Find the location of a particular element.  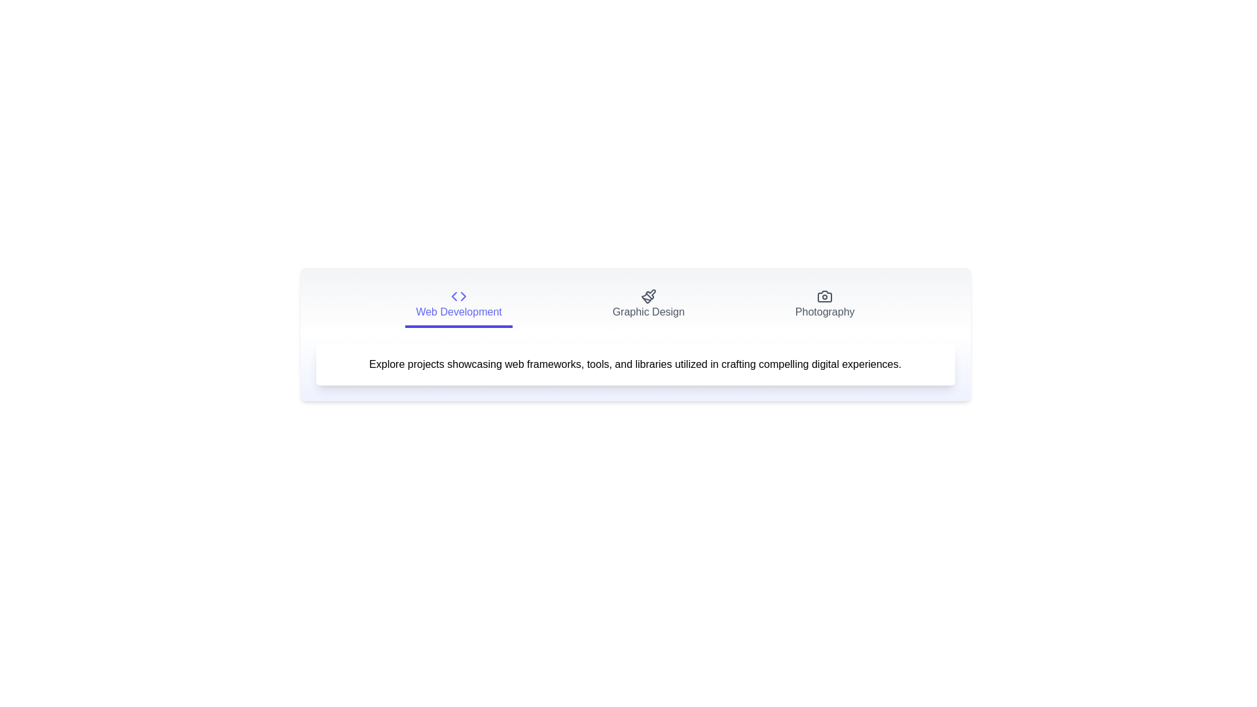

the tab labeled Graphic Design to switch to its content is located at coordinates (648, 305).